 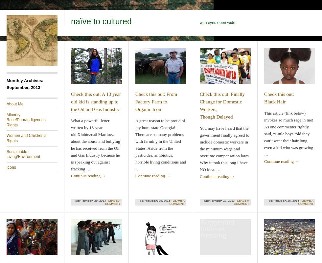 What do you see at coordinates (6, 104) in the screenshot?
I see `'About Me'` at bounding box center [6, 104].